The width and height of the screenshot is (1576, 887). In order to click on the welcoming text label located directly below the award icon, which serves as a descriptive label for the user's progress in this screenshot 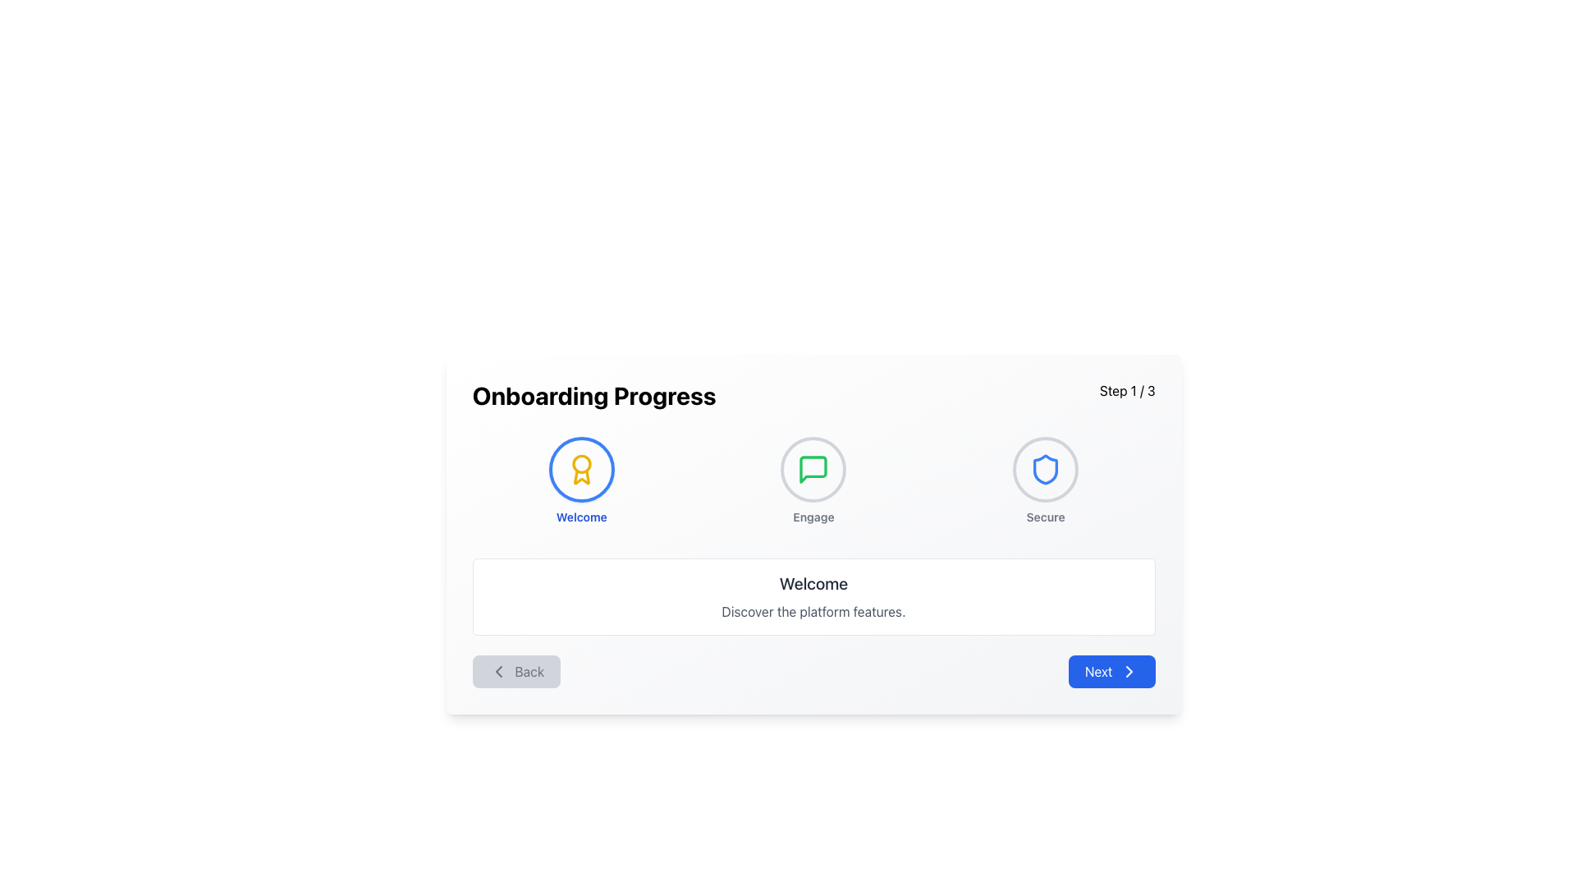, I will do `click(581, 516)`.